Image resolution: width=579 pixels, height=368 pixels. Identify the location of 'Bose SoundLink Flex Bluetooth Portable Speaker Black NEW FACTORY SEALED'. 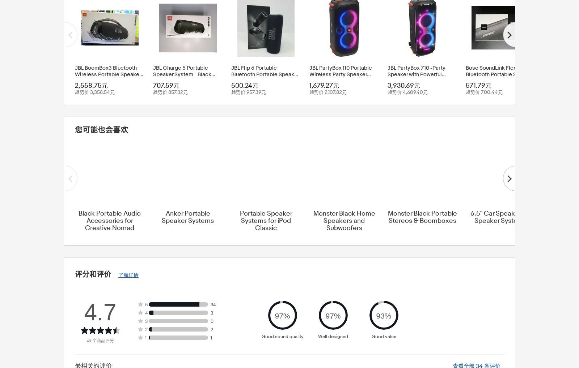
(465, 77).